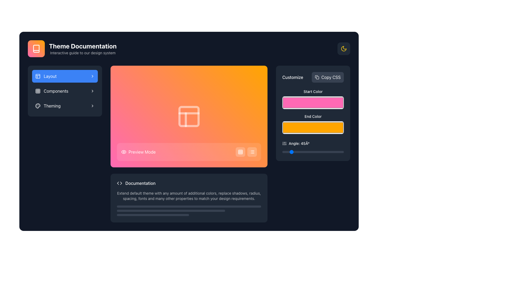 The image size is (509, 286). Describe the element at coordinates (142, 152) in the screenshot. I see `the 'Preview Mode' text label` at that location.